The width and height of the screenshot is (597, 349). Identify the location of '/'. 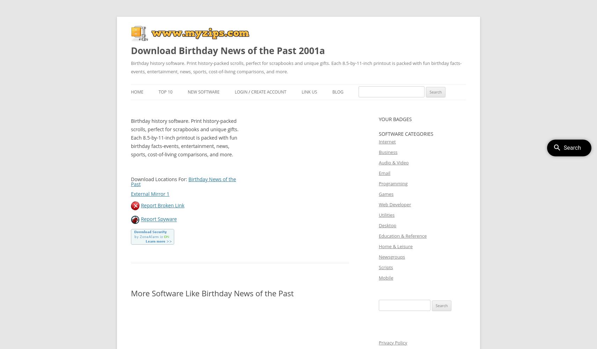
(249, 92).